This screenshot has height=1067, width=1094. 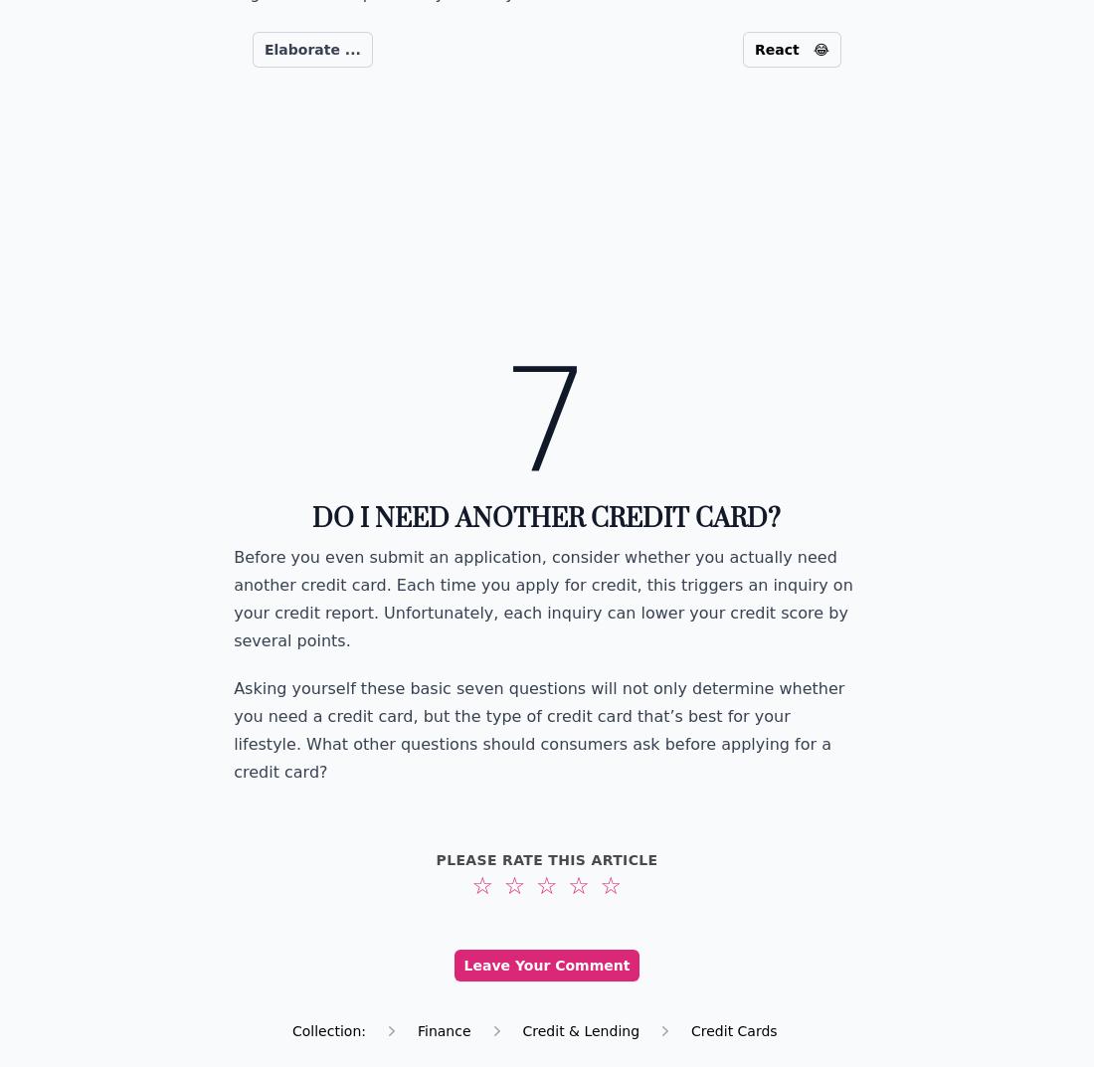 What do you see at coordinates (689, 1030) in the screenshot?
I see `'Credit Cards'` at bounding box center [689, 1030].